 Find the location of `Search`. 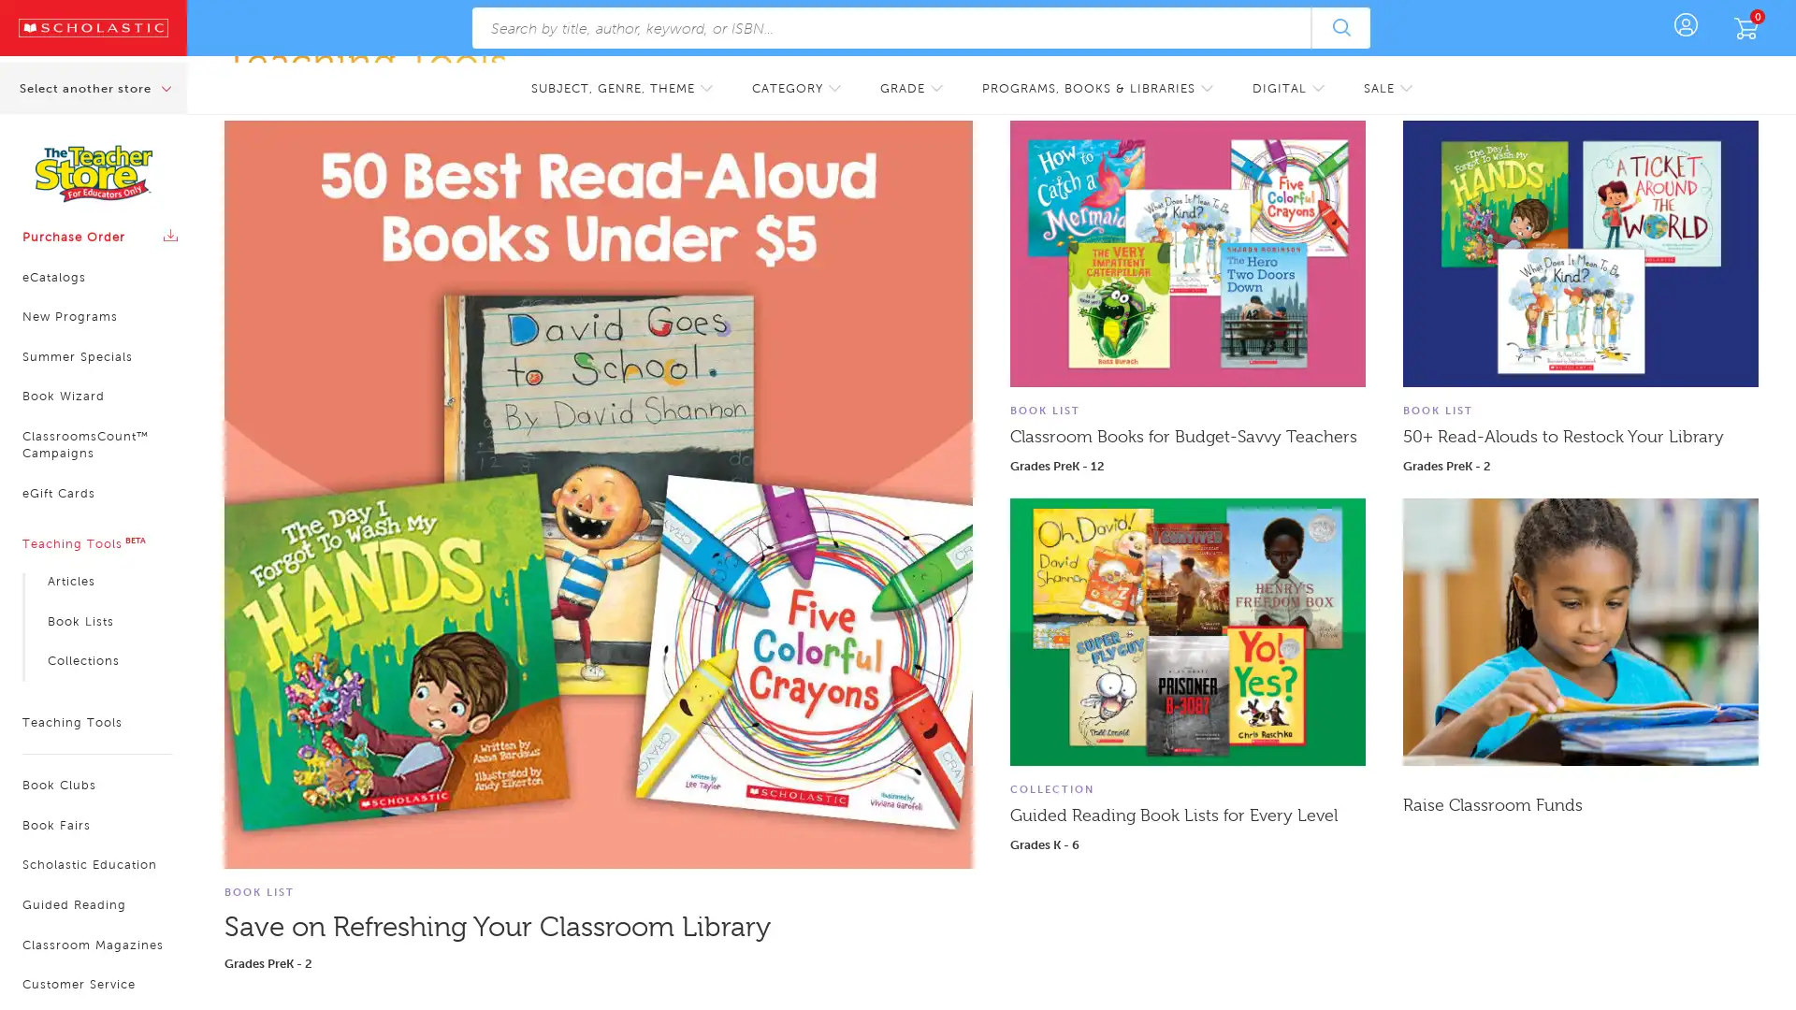

Search is located at coordinates (1340, 28).